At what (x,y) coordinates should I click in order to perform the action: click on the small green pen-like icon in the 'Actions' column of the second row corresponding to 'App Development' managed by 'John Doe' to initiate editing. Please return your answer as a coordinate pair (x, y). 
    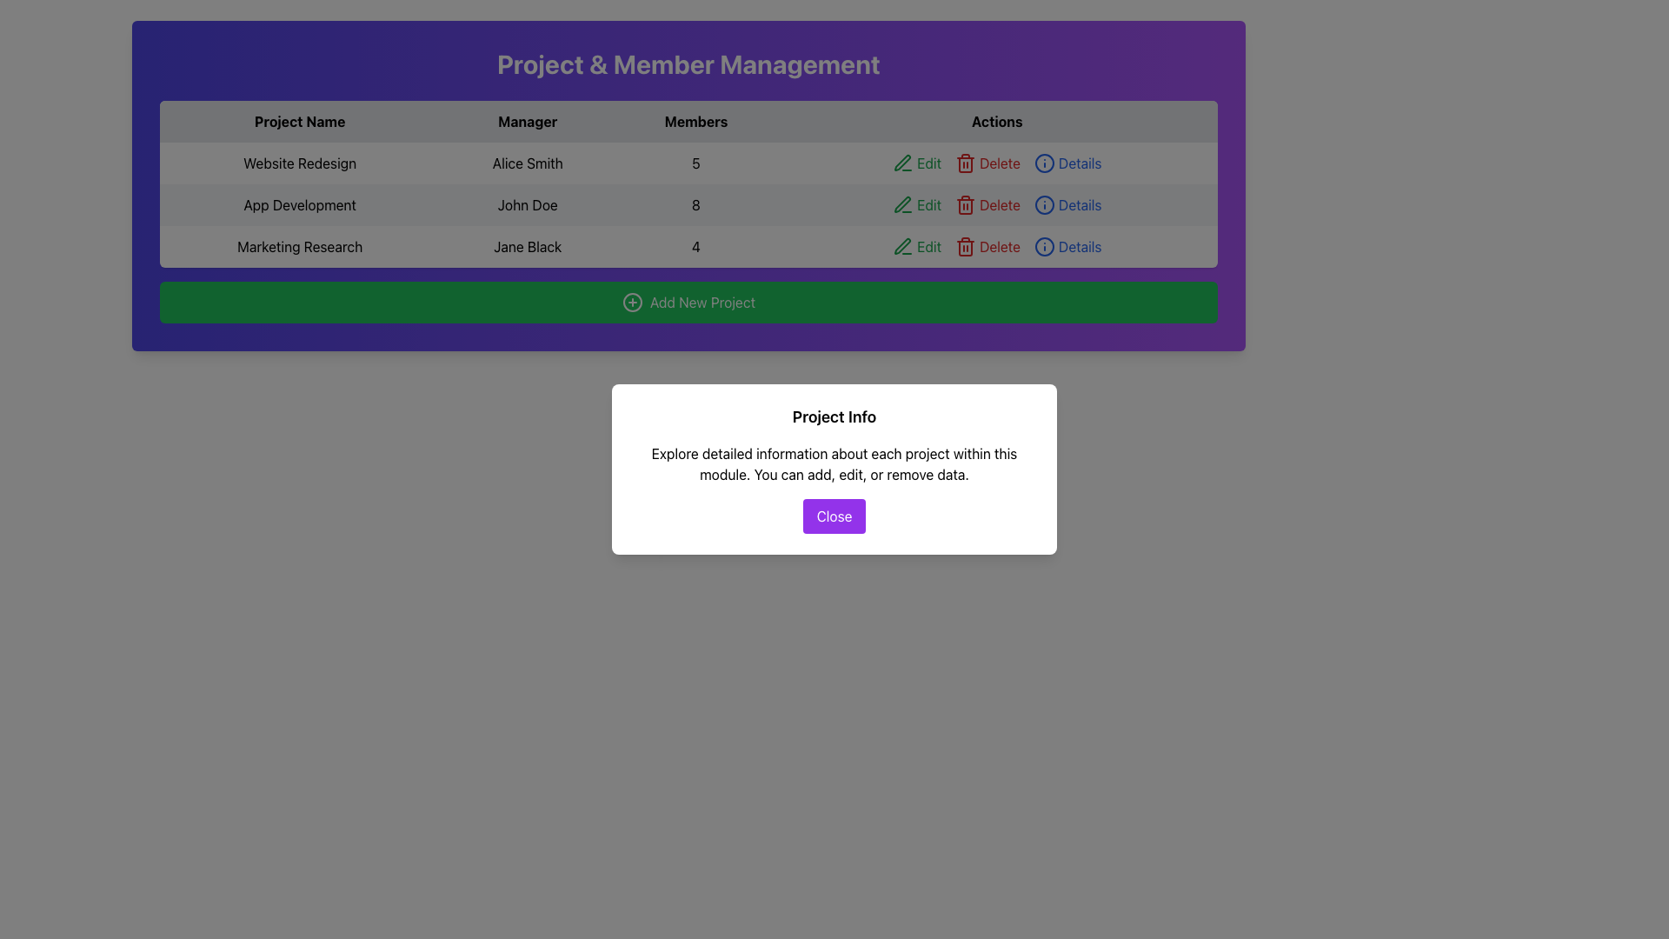
    Looking at the image, I should click on (902, 163).